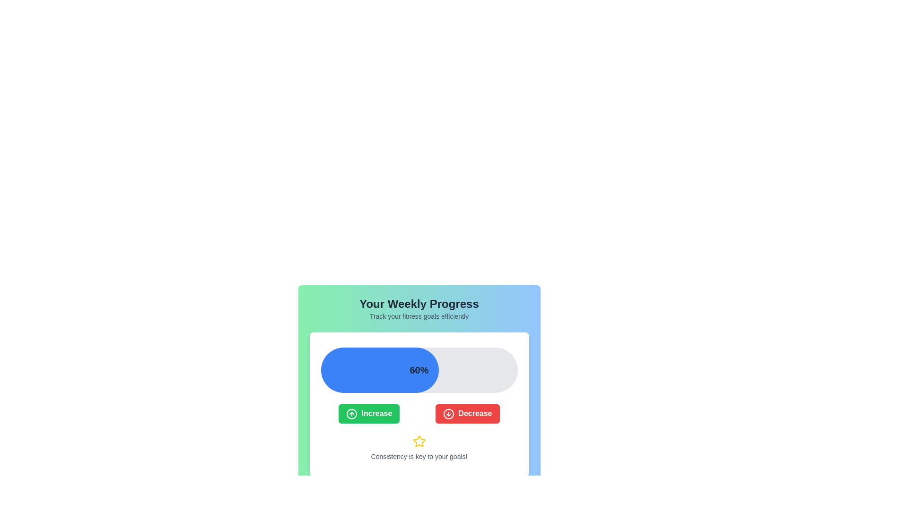 The image size is (908, 510). What do you see at coordinates (419, 369) in the screenshot?
I see `the horizontal progress bar filled with blue color that displays '60%' in the center, located above the 'Increase' and 'Decrease' buttons` at bounding box center [419, 369].